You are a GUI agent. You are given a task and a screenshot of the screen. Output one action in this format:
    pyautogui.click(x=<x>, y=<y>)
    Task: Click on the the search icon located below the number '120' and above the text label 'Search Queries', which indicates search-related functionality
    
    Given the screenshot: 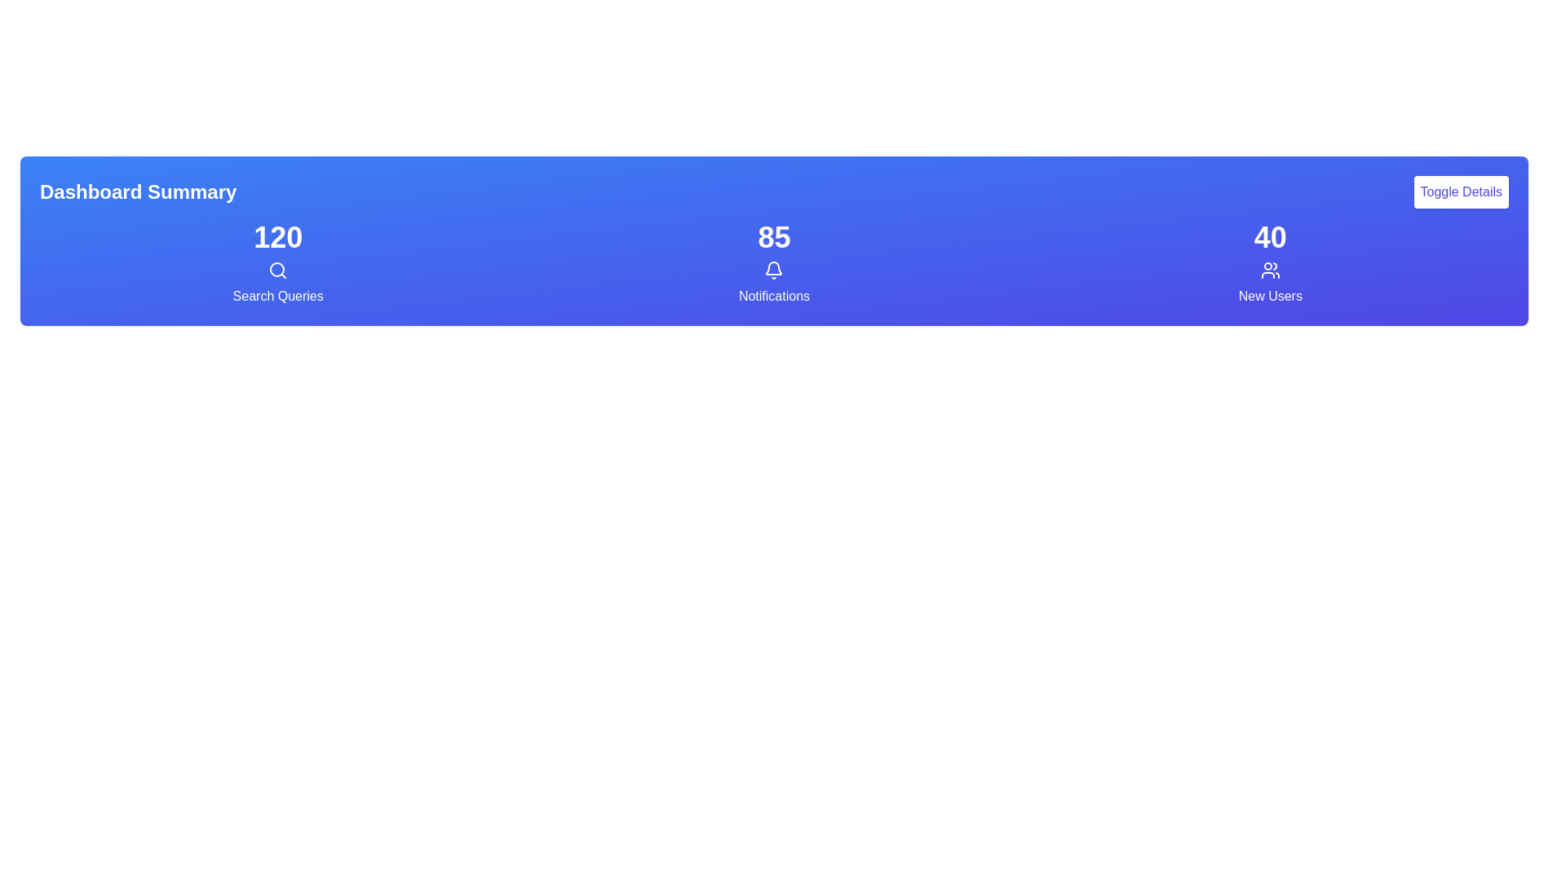 What is the action you would take?
    pyautogui.click(x=278, y=269)
    